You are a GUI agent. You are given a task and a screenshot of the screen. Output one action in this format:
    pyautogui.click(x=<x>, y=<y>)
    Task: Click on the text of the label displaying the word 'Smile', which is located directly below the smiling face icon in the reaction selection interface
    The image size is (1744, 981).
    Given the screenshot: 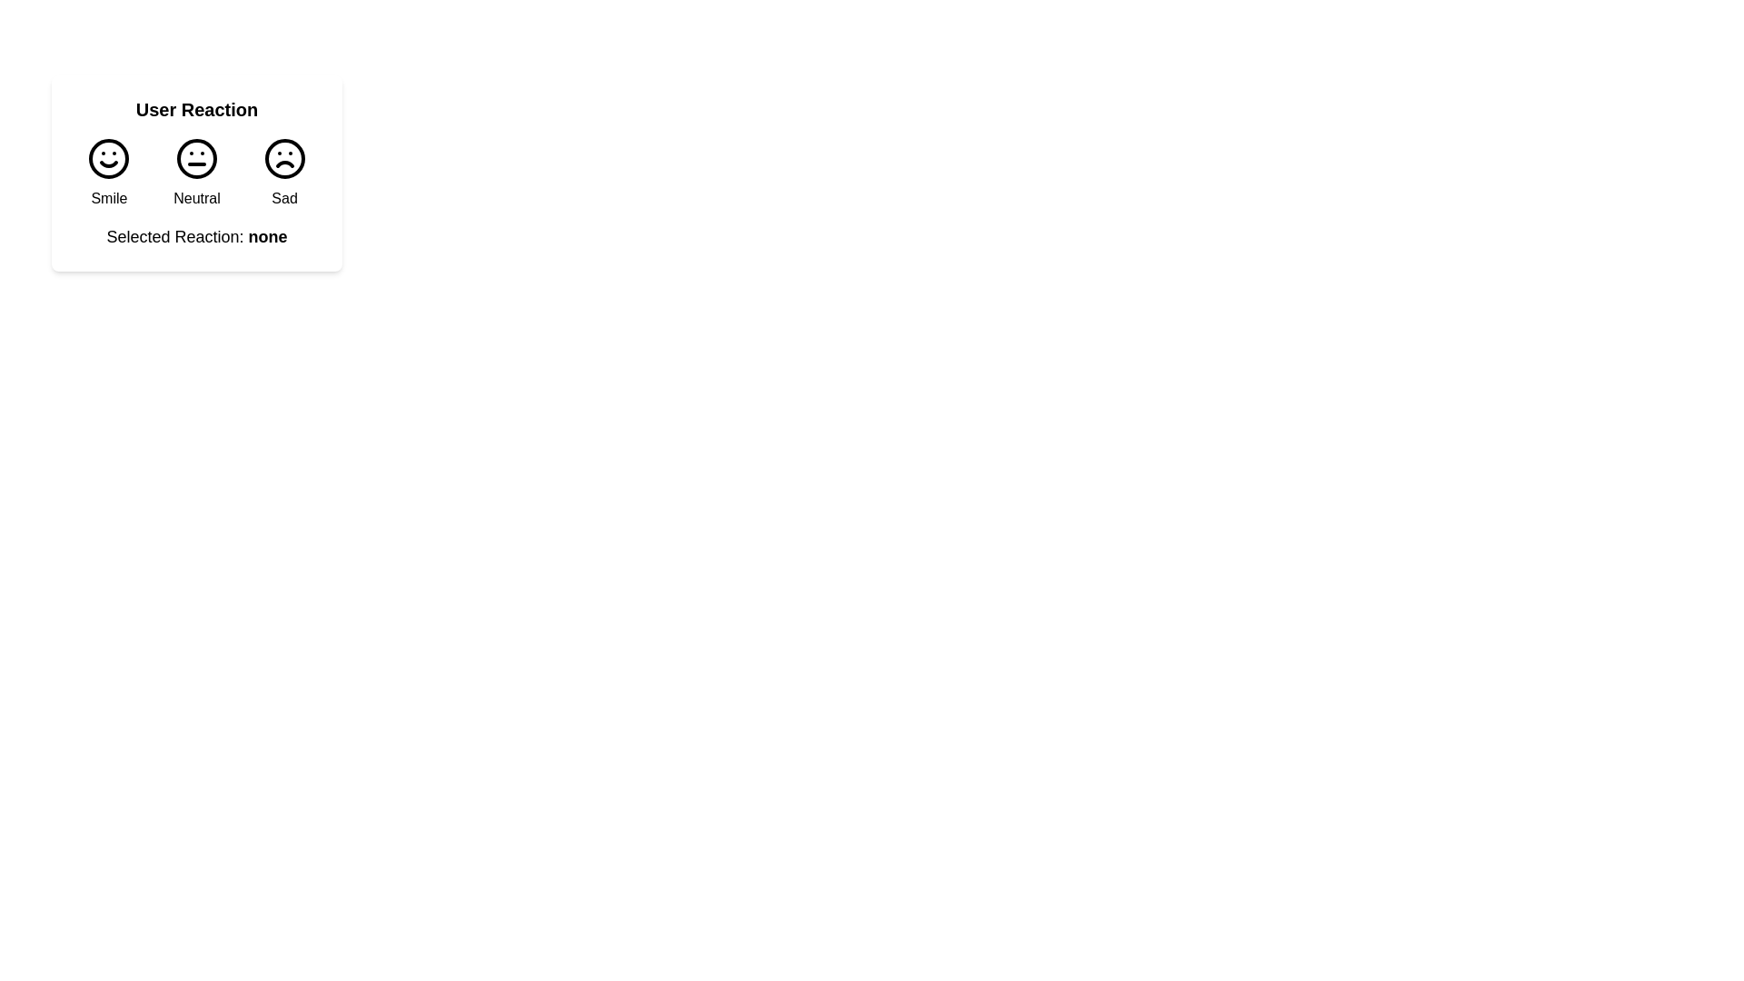 What is the action you would take?
    pyautogui.click(x=108, y=199)
    